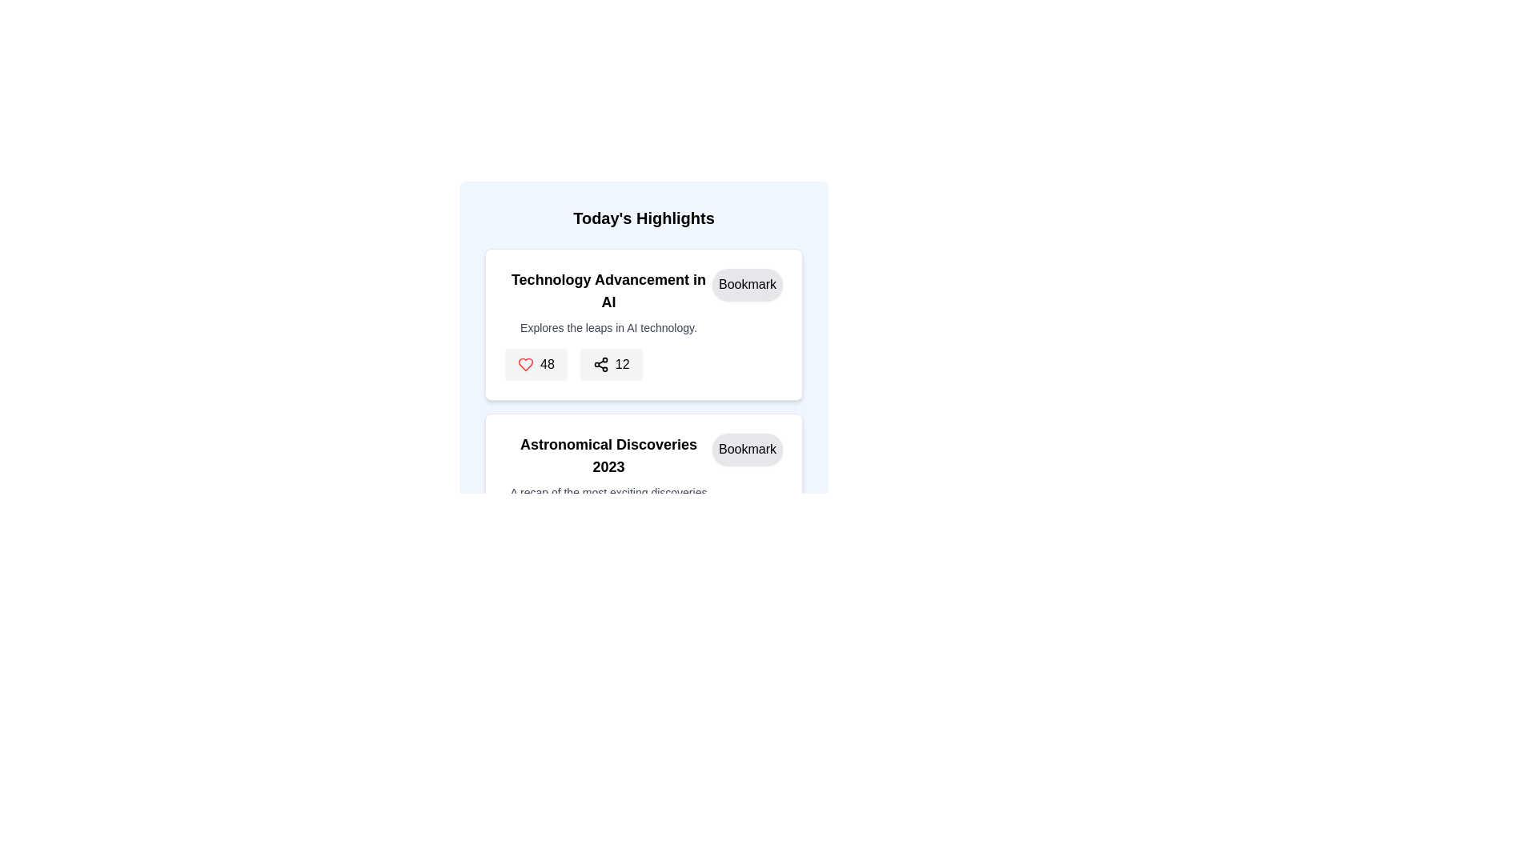 Image resolution: width=1537 pixels, height=864 pixels. Describe the element at coordinates (608, 456) in the screenshot. I see `the text label containing 'Astronomical Discoveries 2023', which is styled in a large, bold font and located at the top of the second card in a vertically stacked list of cards` at that location.